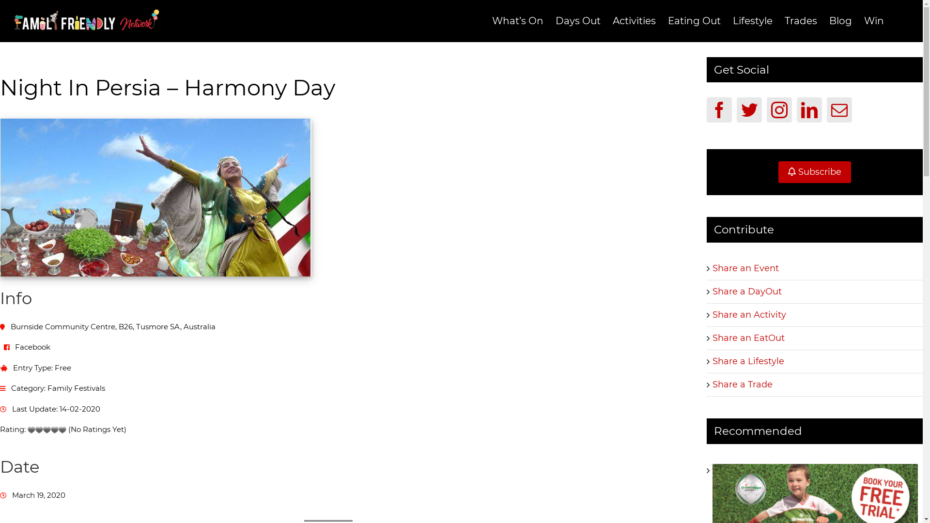 The width and height of the screenshot is (930, 523). I want to click on 'Share a Lifestyle', so click(748, 361).